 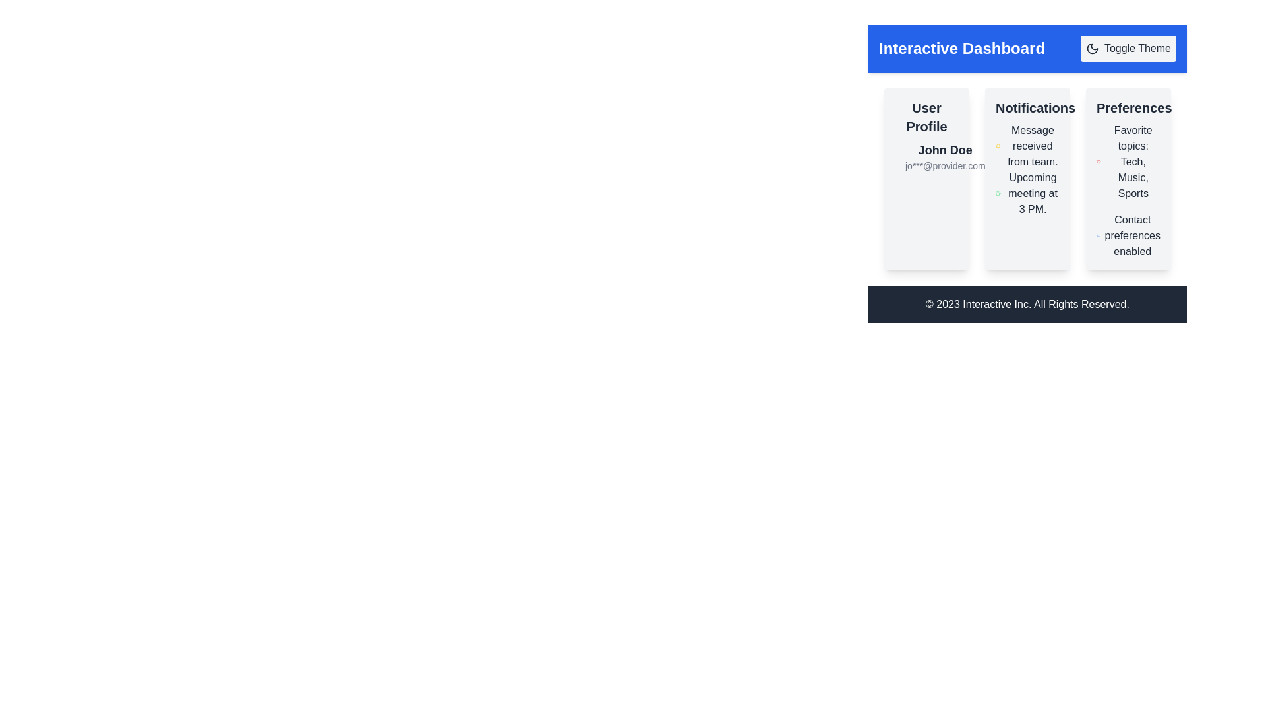 What do you see at coordinates (1128, 47) in the screenshot?
I see `the 'Toggle Theme' button with a moon icon located in the top-right corner of the 'Interactive Dashboard' navigation bar` at bounding box center [1128, 47].